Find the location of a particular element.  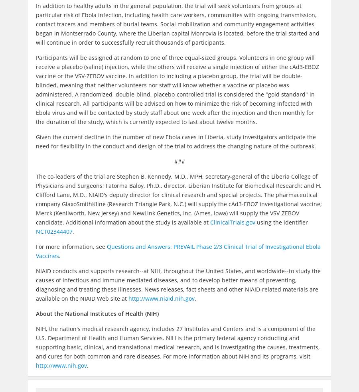

'ClinicalTrials.gov' is located at coordinates (233, 222).